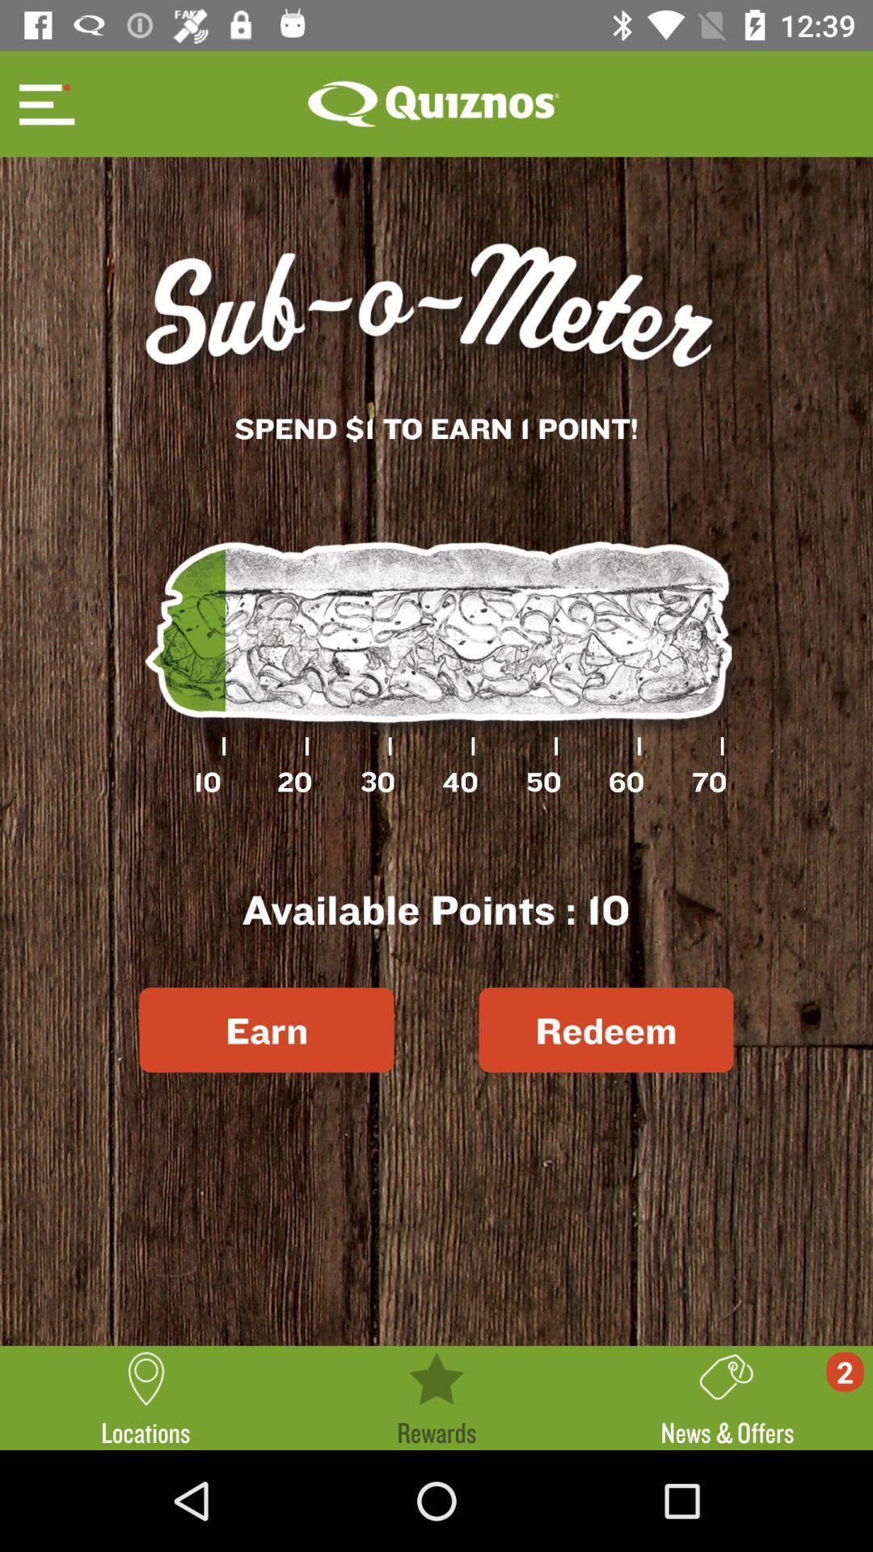 Image resolution: width=873 pixels, height=1552 pixels. I want to click on settings/options, so click(44, 103).